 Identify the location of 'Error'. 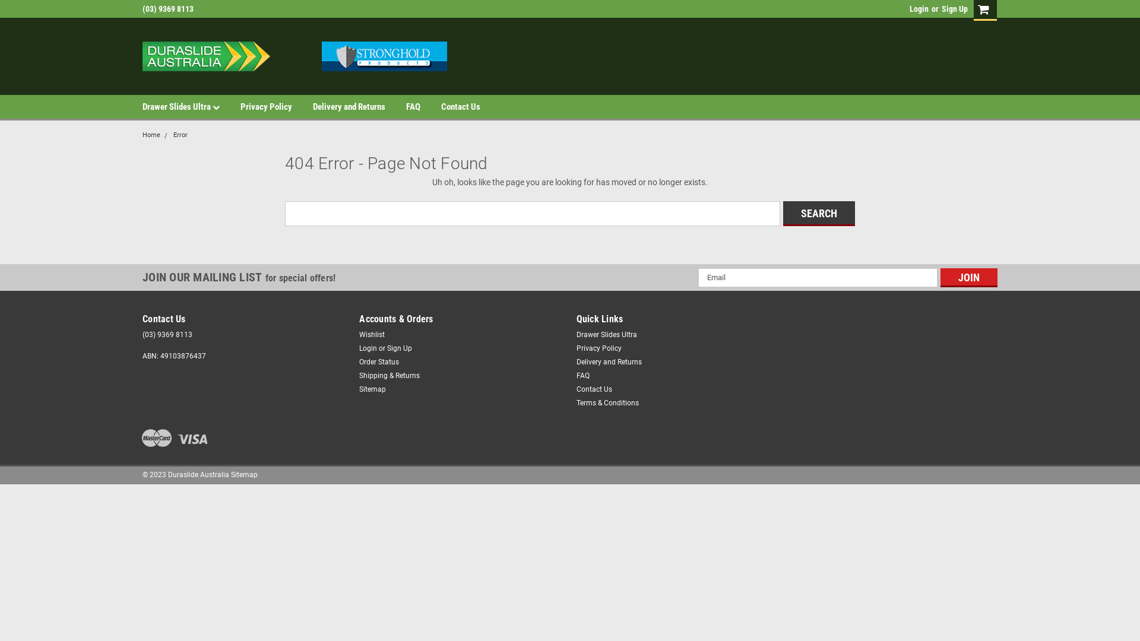
(179, 134).